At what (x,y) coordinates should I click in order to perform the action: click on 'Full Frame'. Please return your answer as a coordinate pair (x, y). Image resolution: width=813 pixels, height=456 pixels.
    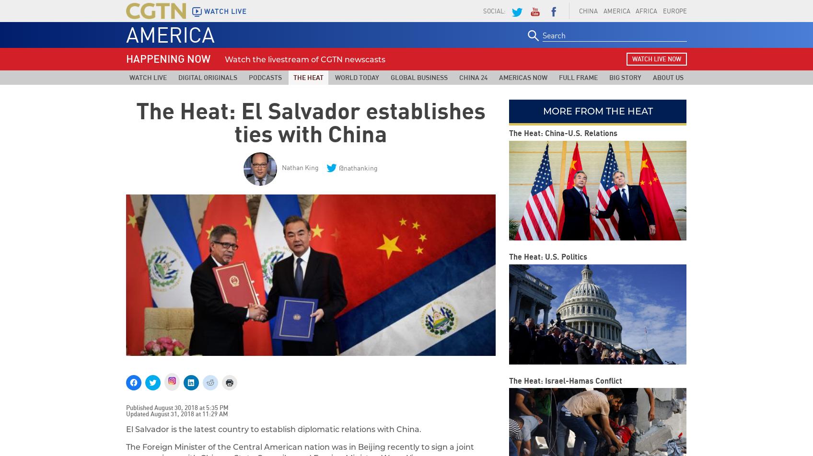
    Looking at the image, I should click on (578, 77).